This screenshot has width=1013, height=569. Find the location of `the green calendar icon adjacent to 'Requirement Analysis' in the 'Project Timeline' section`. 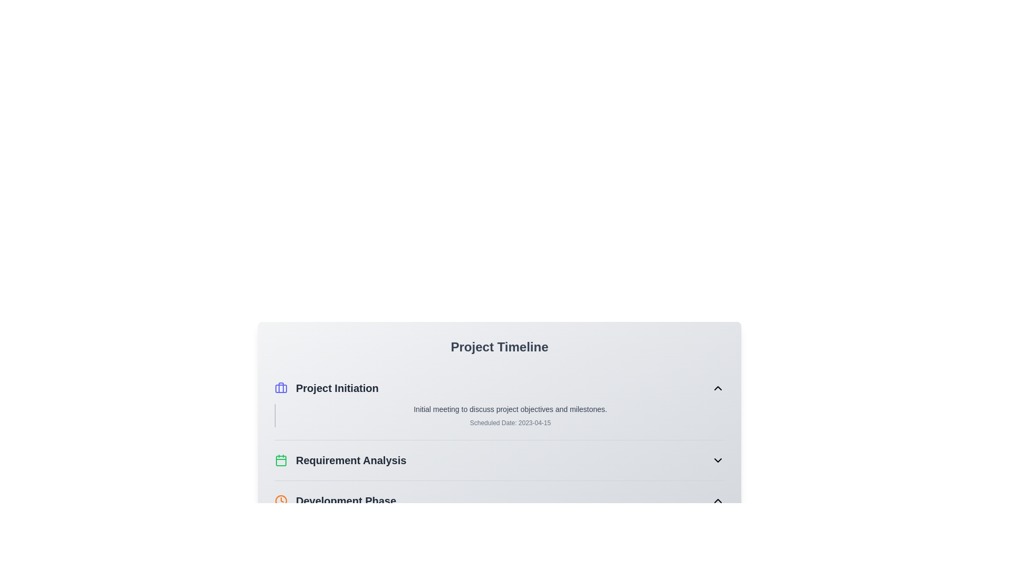

the green calendar icon adjacent to 'Requirement Analysis' in the 'Project Timeline' section is located at coordinates (281, 460).